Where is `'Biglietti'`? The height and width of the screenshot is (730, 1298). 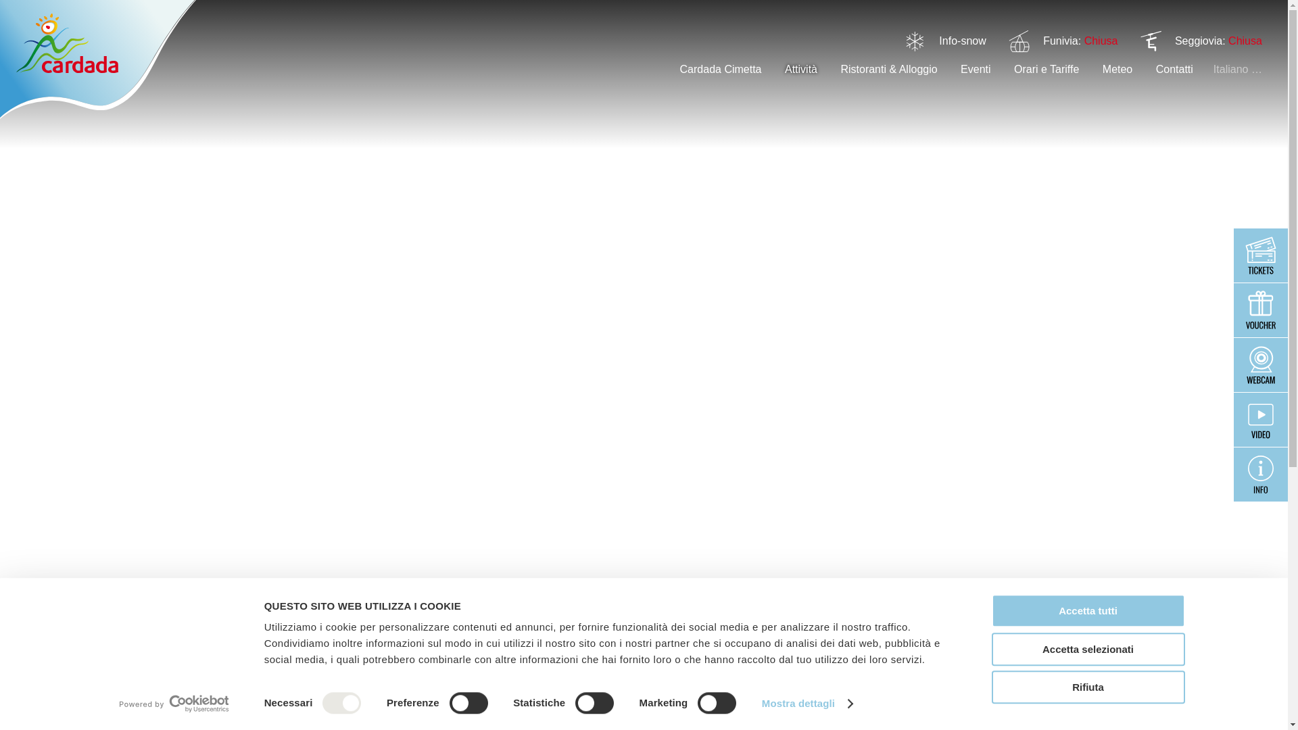 'Biglietti' is located at coordinates (1260, 255).